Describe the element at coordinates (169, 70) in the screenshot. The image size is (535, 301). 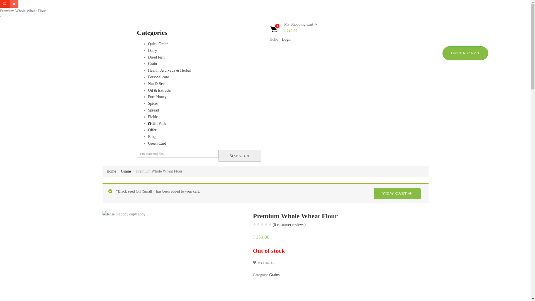
I see `'Health, Ayurveda & Herbal'` at that location.